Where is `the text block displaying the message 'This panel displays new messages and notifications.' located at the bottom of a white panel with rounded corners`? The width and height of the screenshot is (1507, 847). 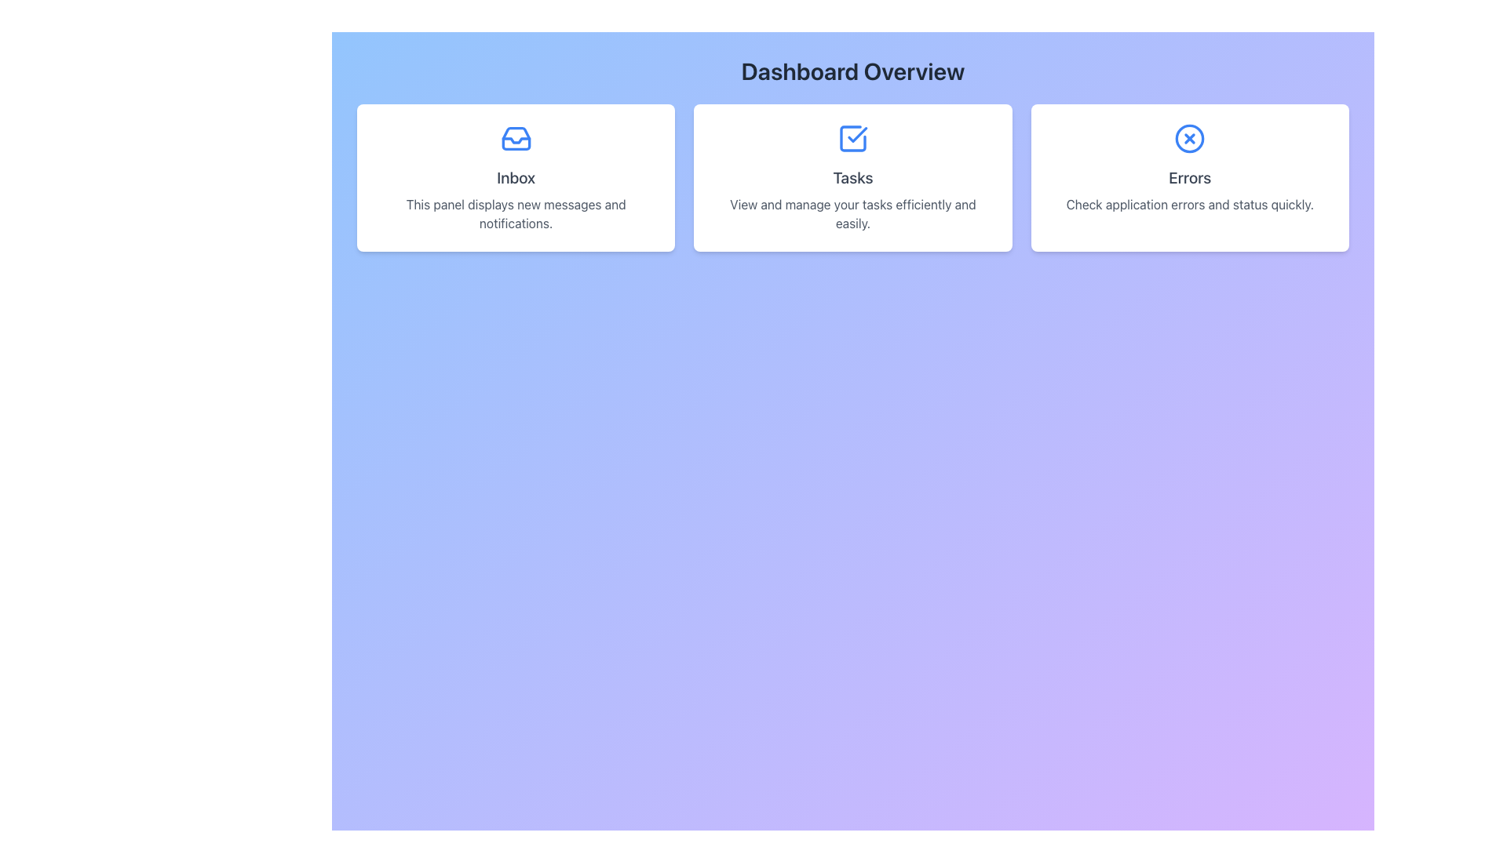 the text block displaying the message 'This panel displays new messages and notifications.' located at the bottom of a white panel with rounded corners is located at coordinates (516, 214).